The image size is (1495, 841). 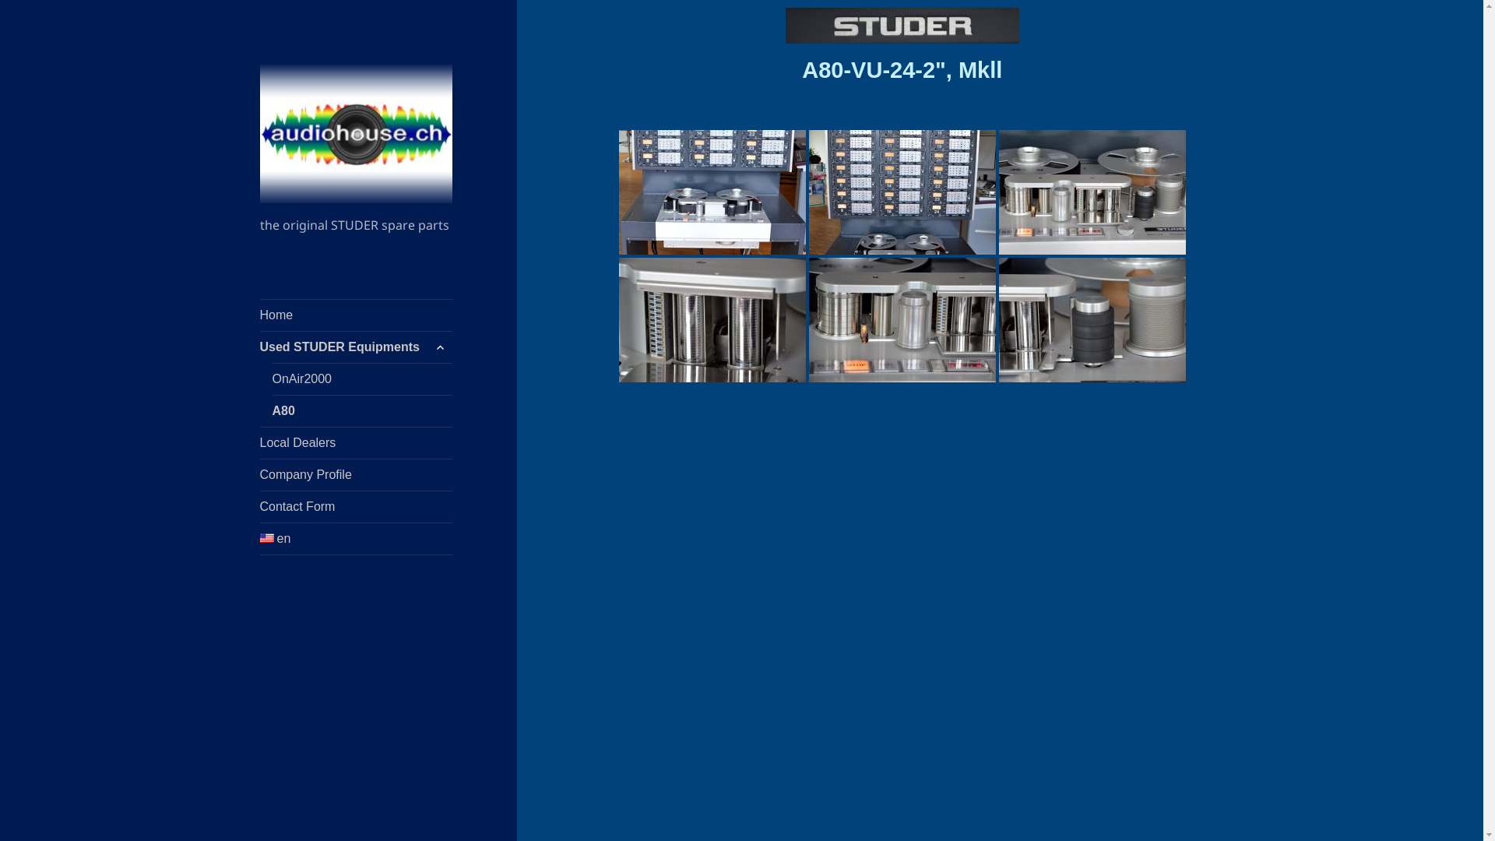 I want to click on 'A80-VU-24-239-5-scaled', so click(x=712, y=319).